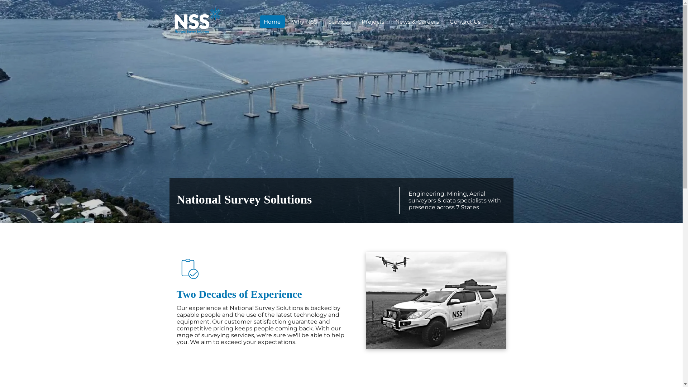  What do you see at coordinates (465, 21) in the screenshot?
I see `'Contact Us'` at bounding box center [465, 21].